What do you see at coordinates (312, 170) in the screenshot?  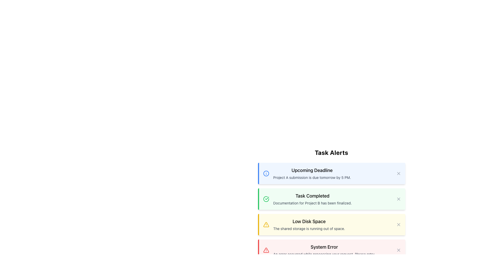 I see `the header text of the first notification box in the 'Task Alerts' section, which summarizes the alert about 'Project A submission is due tomorrow by 5 PM.'` at bounding box center [312, 170].